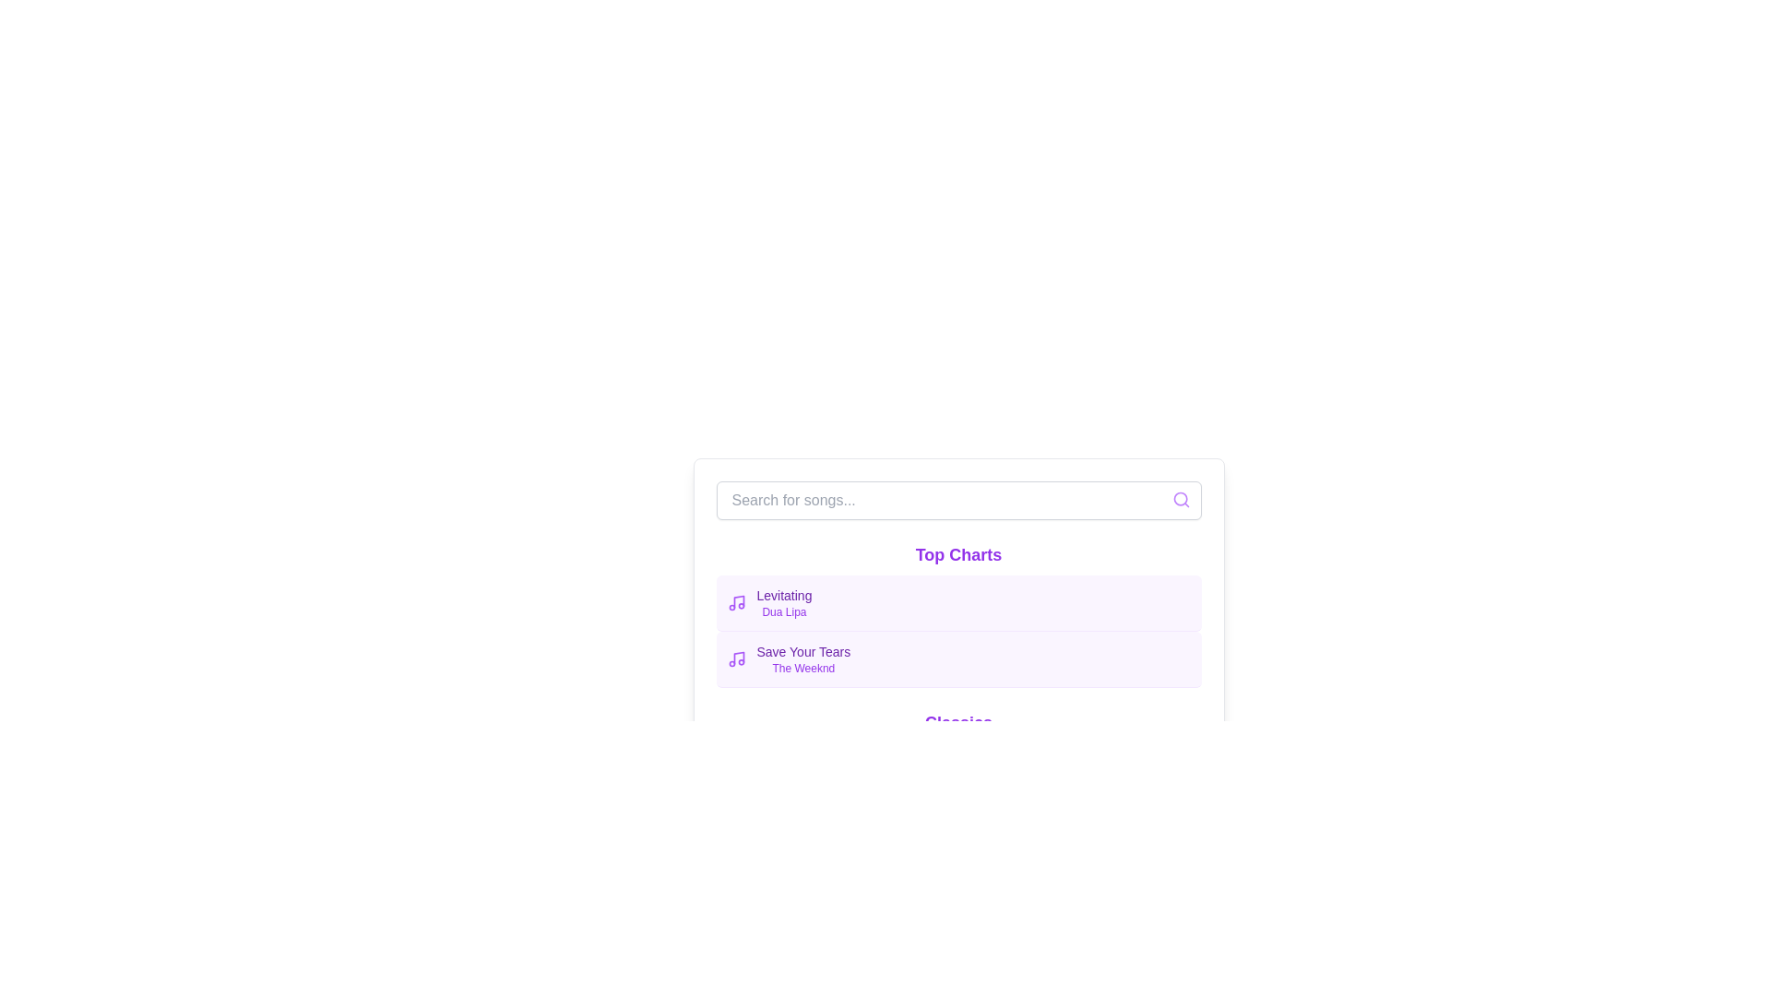  What do you see at coordinates (739, 601) in the screenshot?
I see `the musical icon associated with the text 'Levitating - Dua Lipa' in the 'Top Charts' section` at bounding box center [739, 601].